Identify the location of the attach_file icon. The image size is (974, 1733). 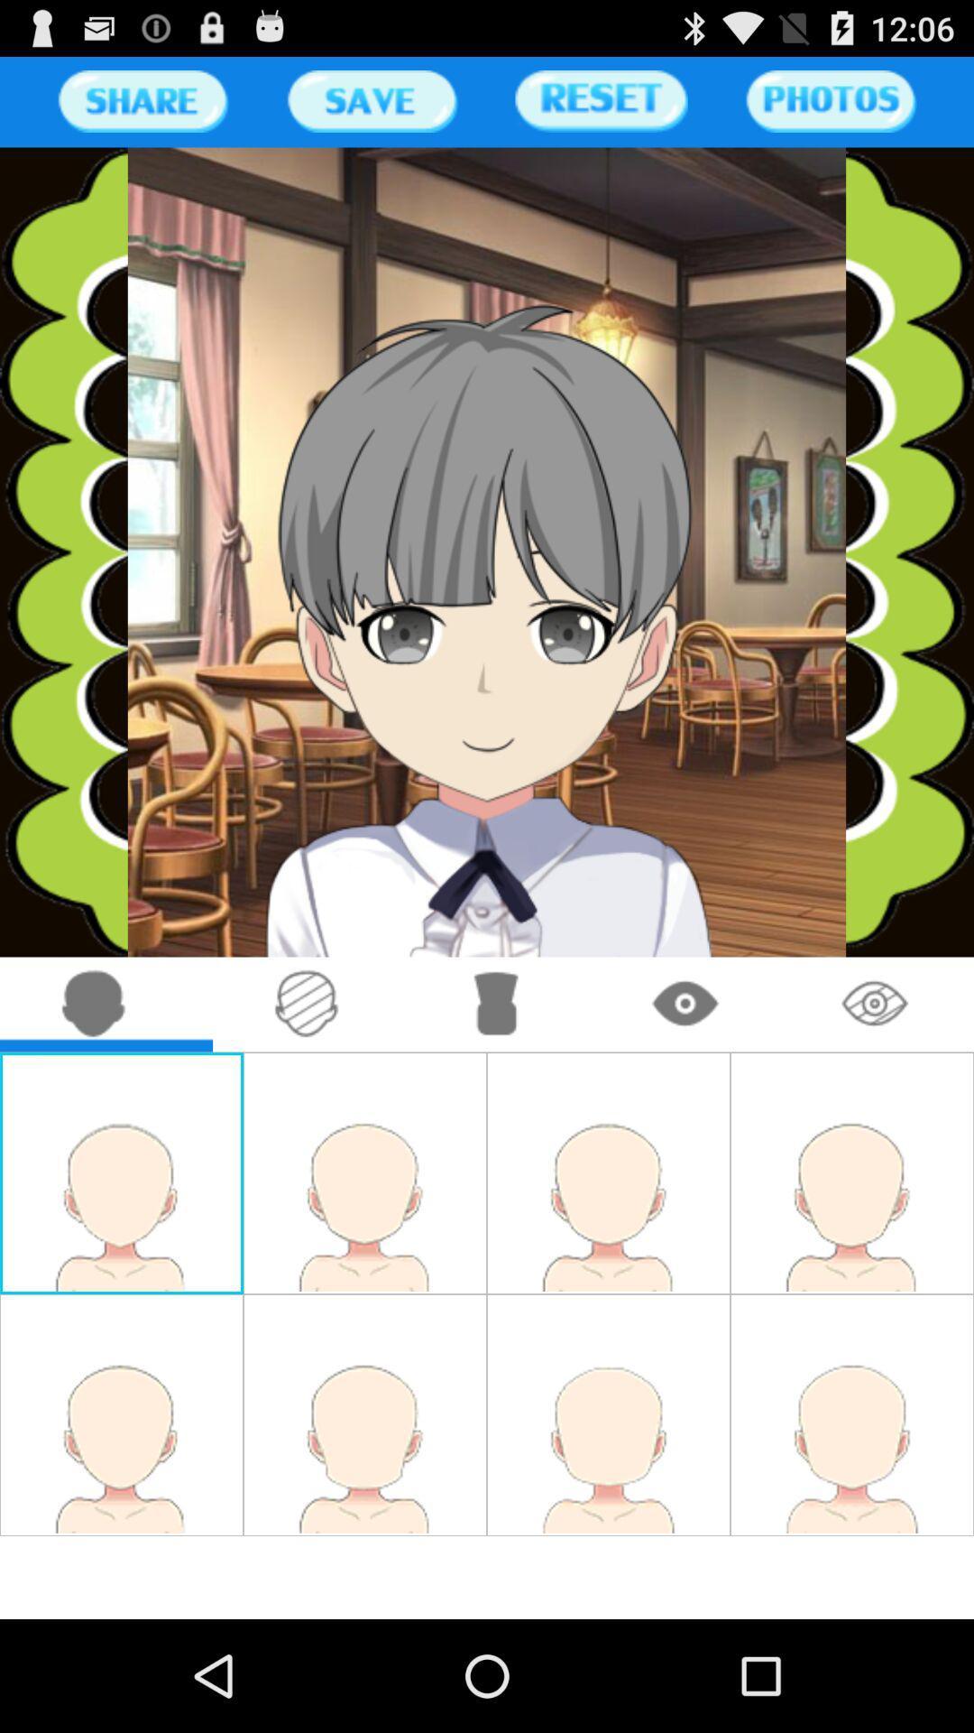
(307, 1075).